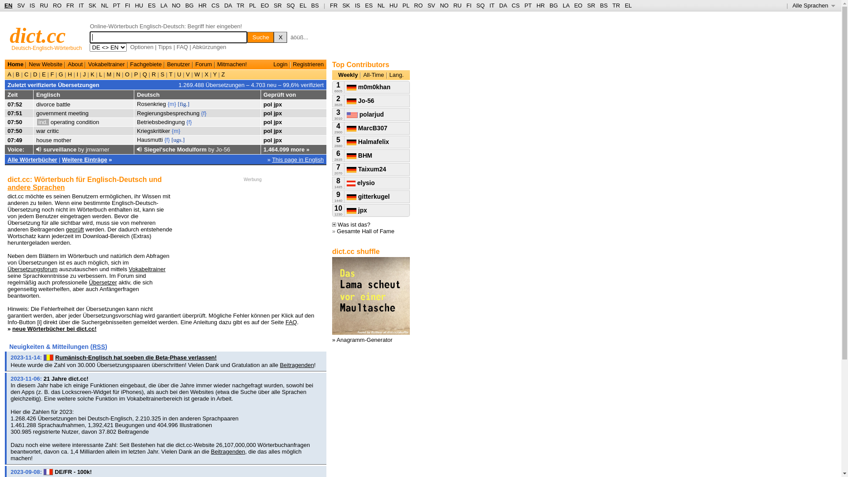  Describe the element at coordinates (267, 131) in the screenshot. I see `'pol'` at that location.